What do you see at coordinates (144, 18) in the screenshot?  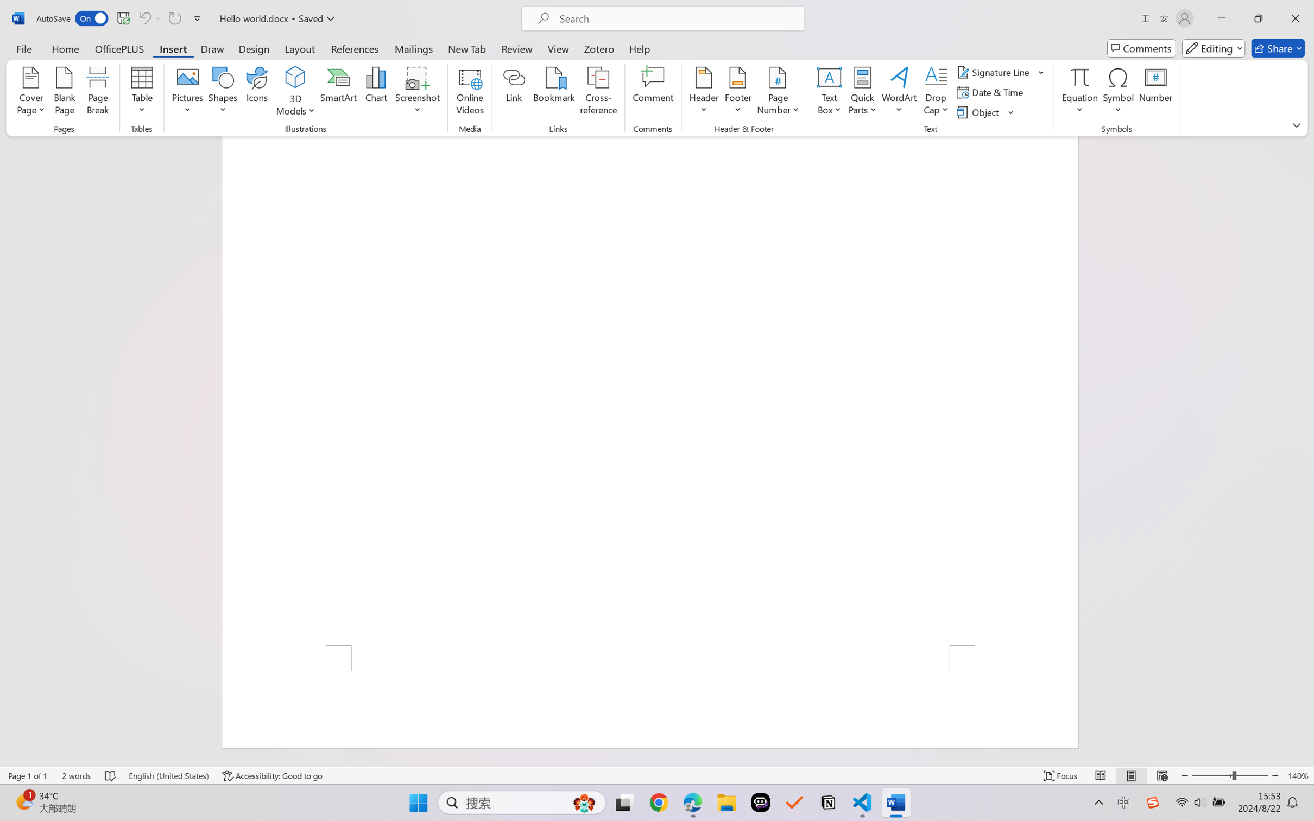 I see `'Can'` at bounding box center [144, 18].